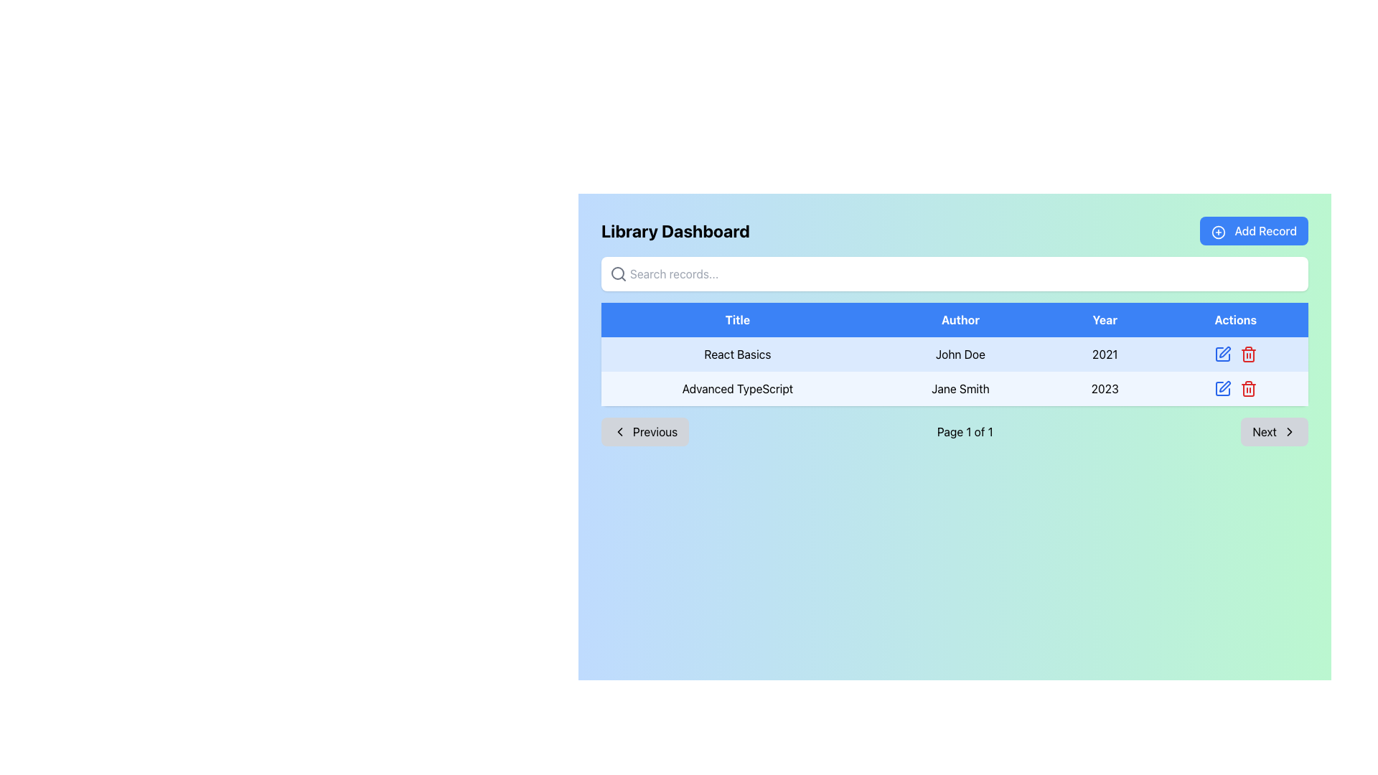  What do you see at coordinates (1275, 431) in the screenshot?
I see `the 'Next' button located on the right side of the pagination control bar` at bounding box center [1275, 431].